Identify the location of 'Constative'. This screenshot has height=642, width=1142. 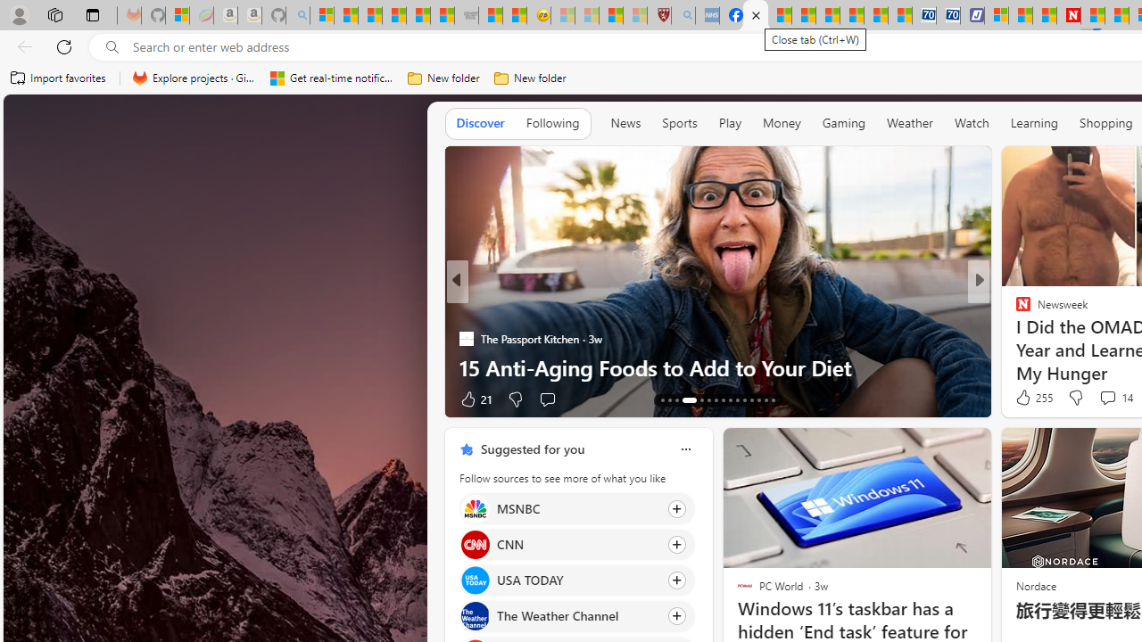
(1015, 309).